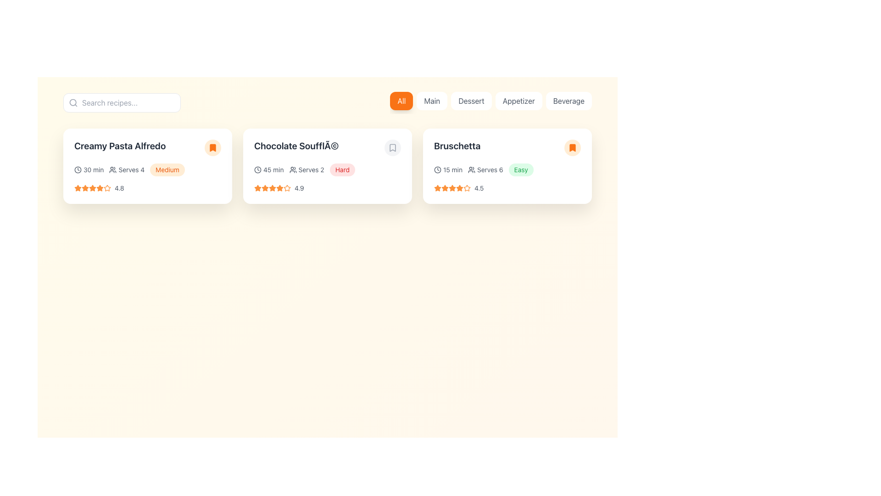  Describe the element at coordinates (460, 187) in the screenshot. I see `the last star-shaped icon in the rating system for the 'Bruschetta' recipe card, which is rendered in an orange fill` at that location.